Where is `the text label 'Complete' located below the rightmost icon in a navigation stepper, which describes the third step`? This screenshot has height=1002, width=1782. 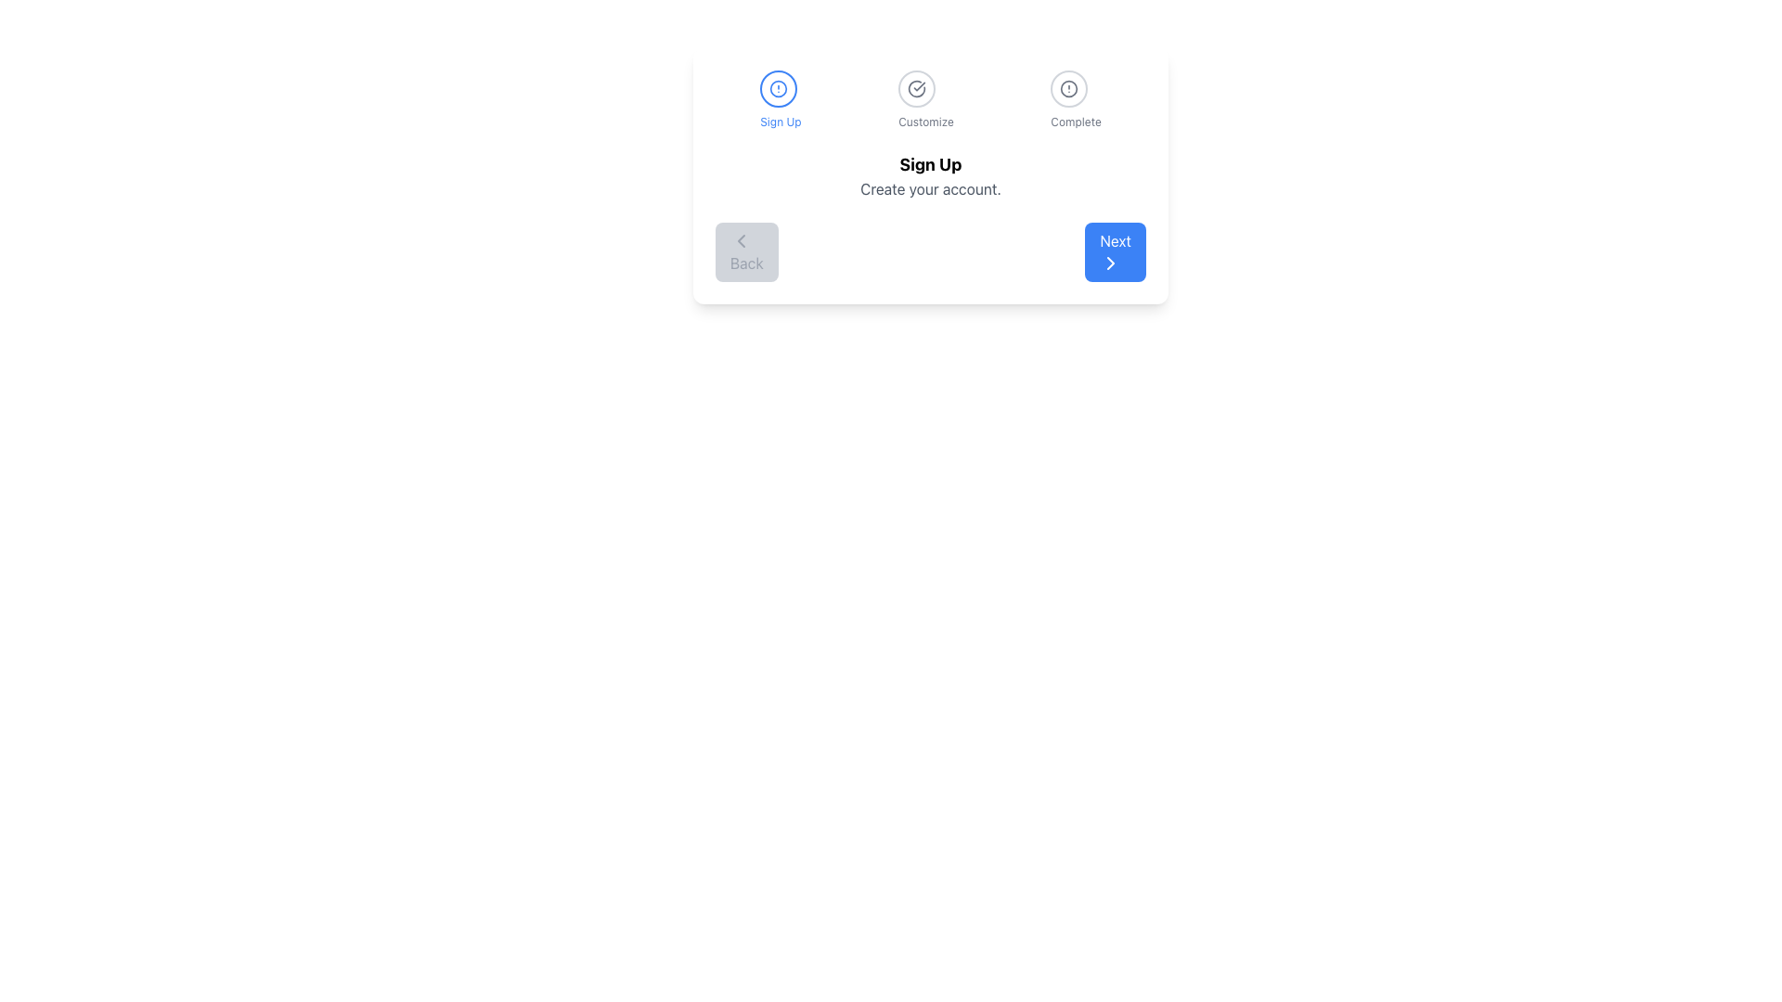
the text label 'Complete' located below the rightmost icon in a navigation stepper, which describes the third step is located at coordinates (1076, 122).